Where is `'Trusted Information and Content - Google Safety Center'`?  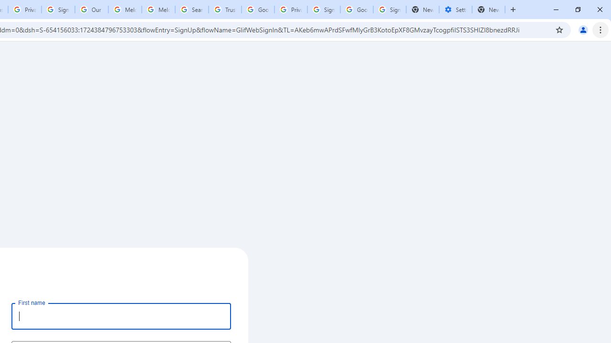 'Trusted Information and Content - Google Safety Center' is located at coordinates (224, 10).